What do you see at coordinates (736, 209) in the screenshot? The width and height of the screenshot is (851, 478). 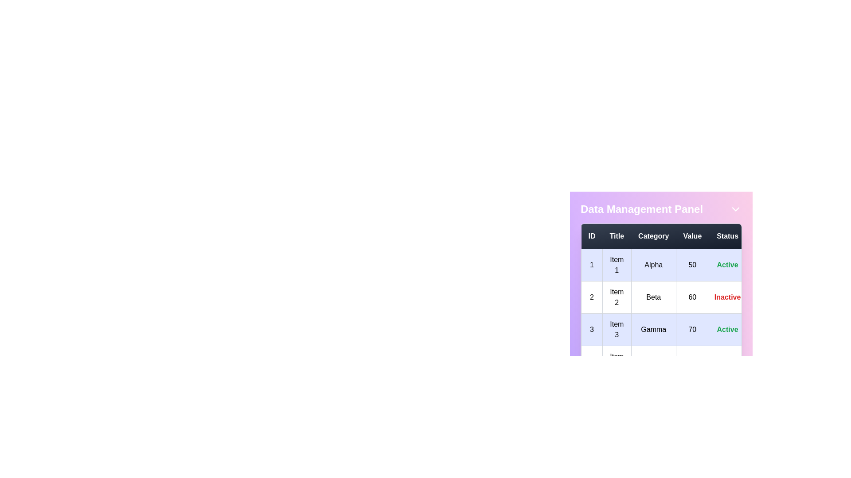 I see `the dropdown arrow button to expand or collapse the panel` at bounding box center [736, 209].